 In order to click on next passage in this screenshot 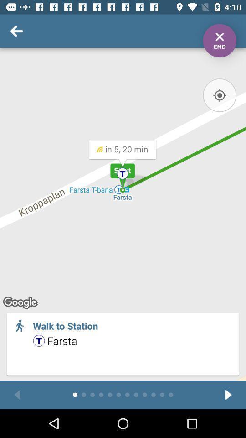, I will do `click(228, 394)`.